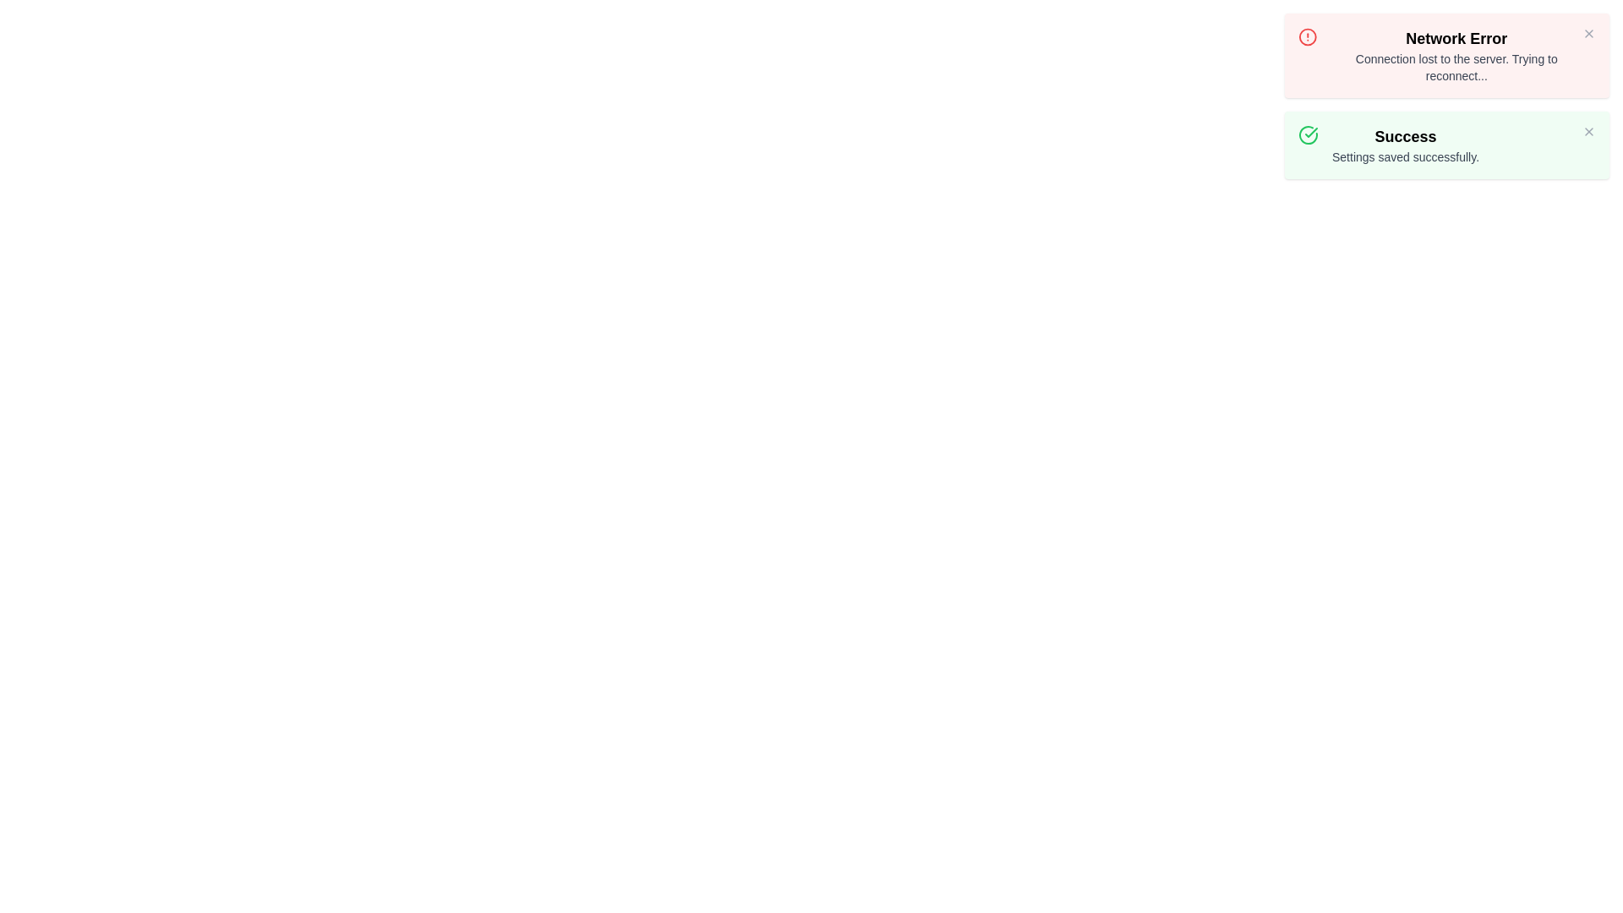 The image size is (1623, 913). I want to click on the close button icon ('X') located at the top-right corner of the error notification box with a light red background, so click(1588, 33).